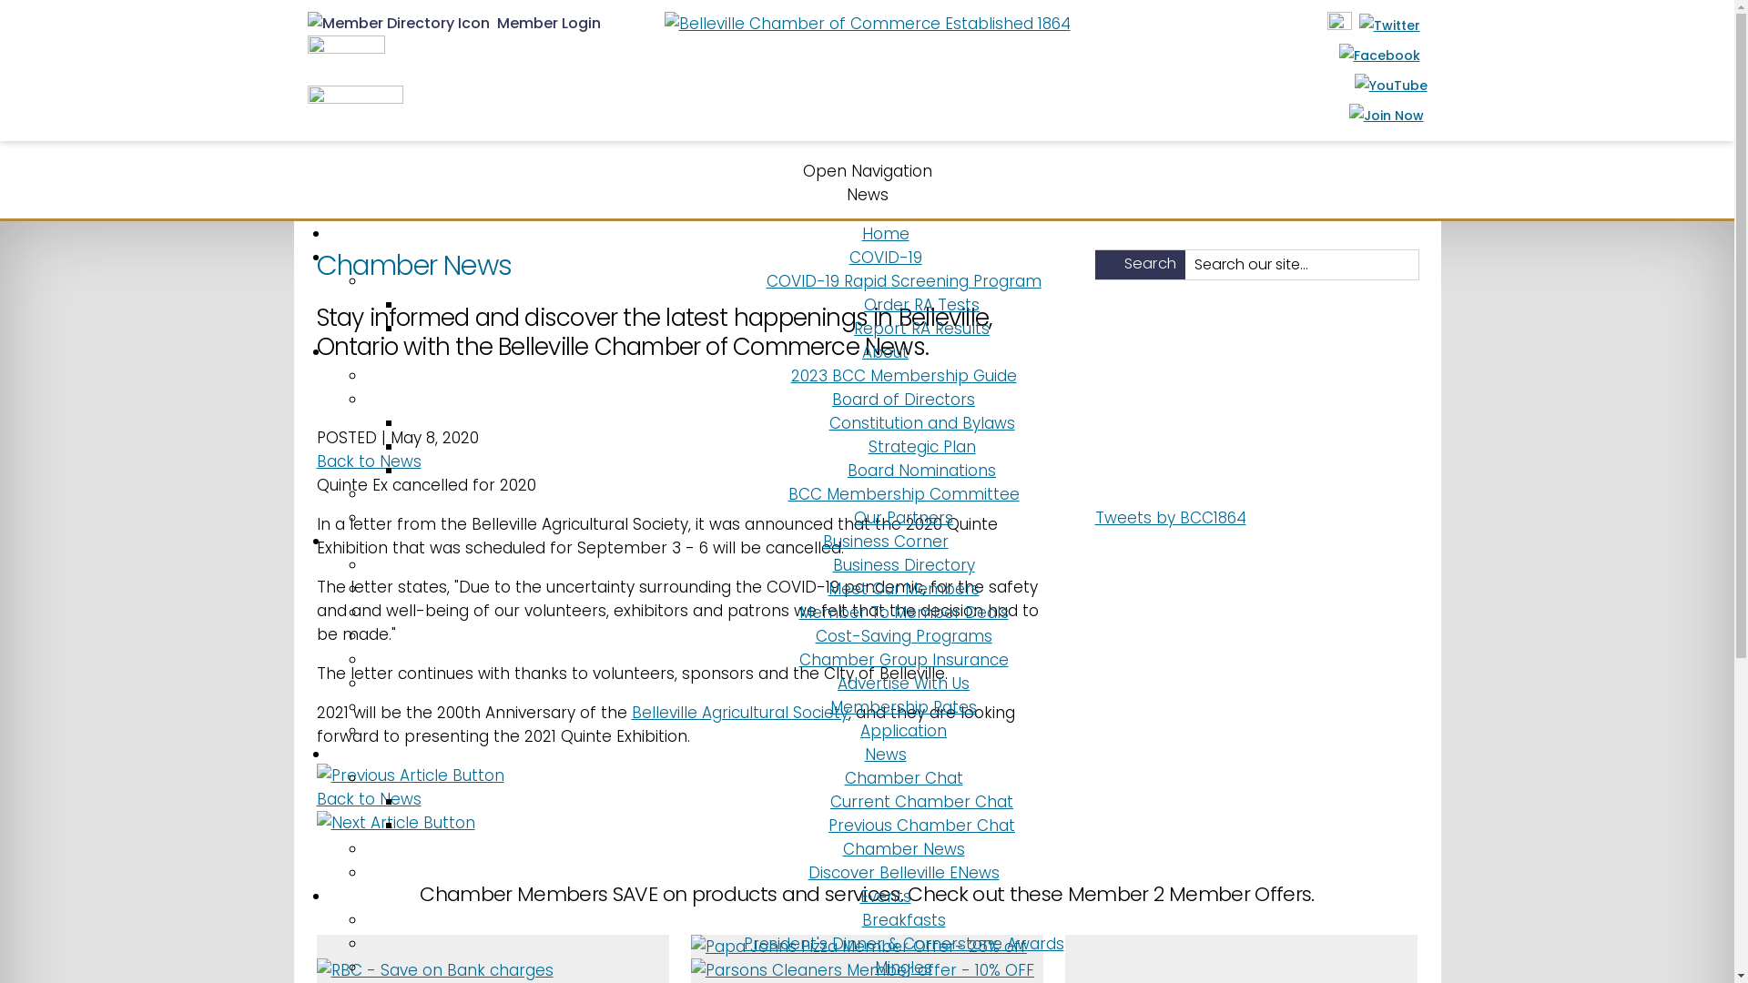  Describe the element at coordinates (739, 712) in the screenshot. I see `'Belleville Agricultural Society'` at that location.